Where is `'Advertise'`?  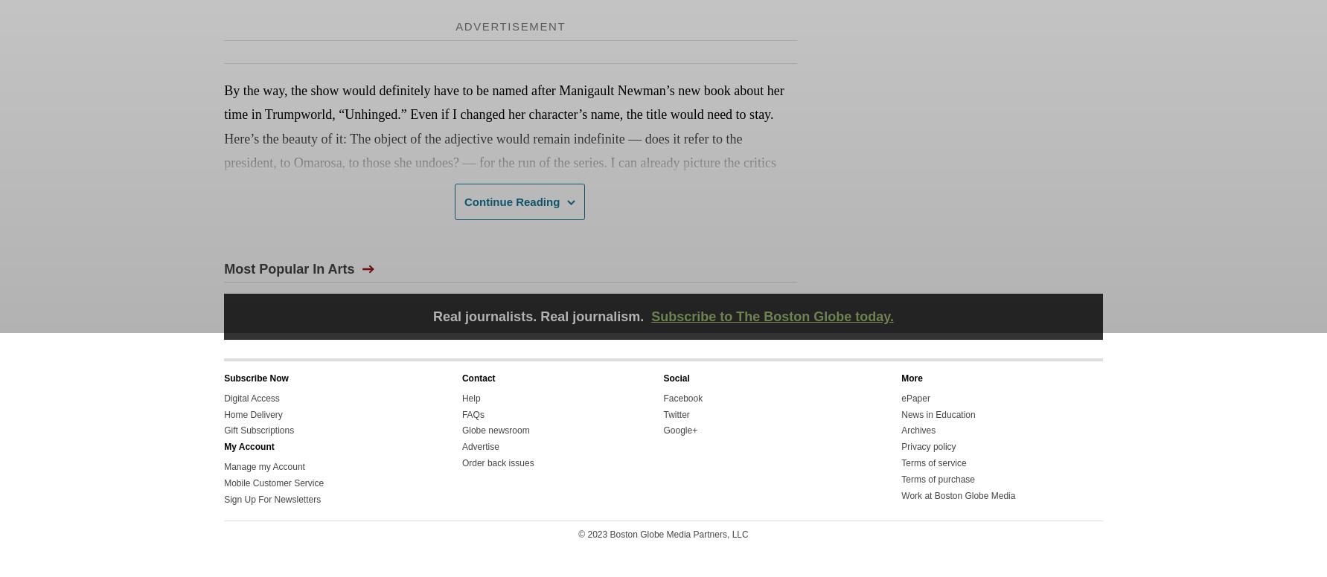 'Advertise' is located at coordinates (479, 447).